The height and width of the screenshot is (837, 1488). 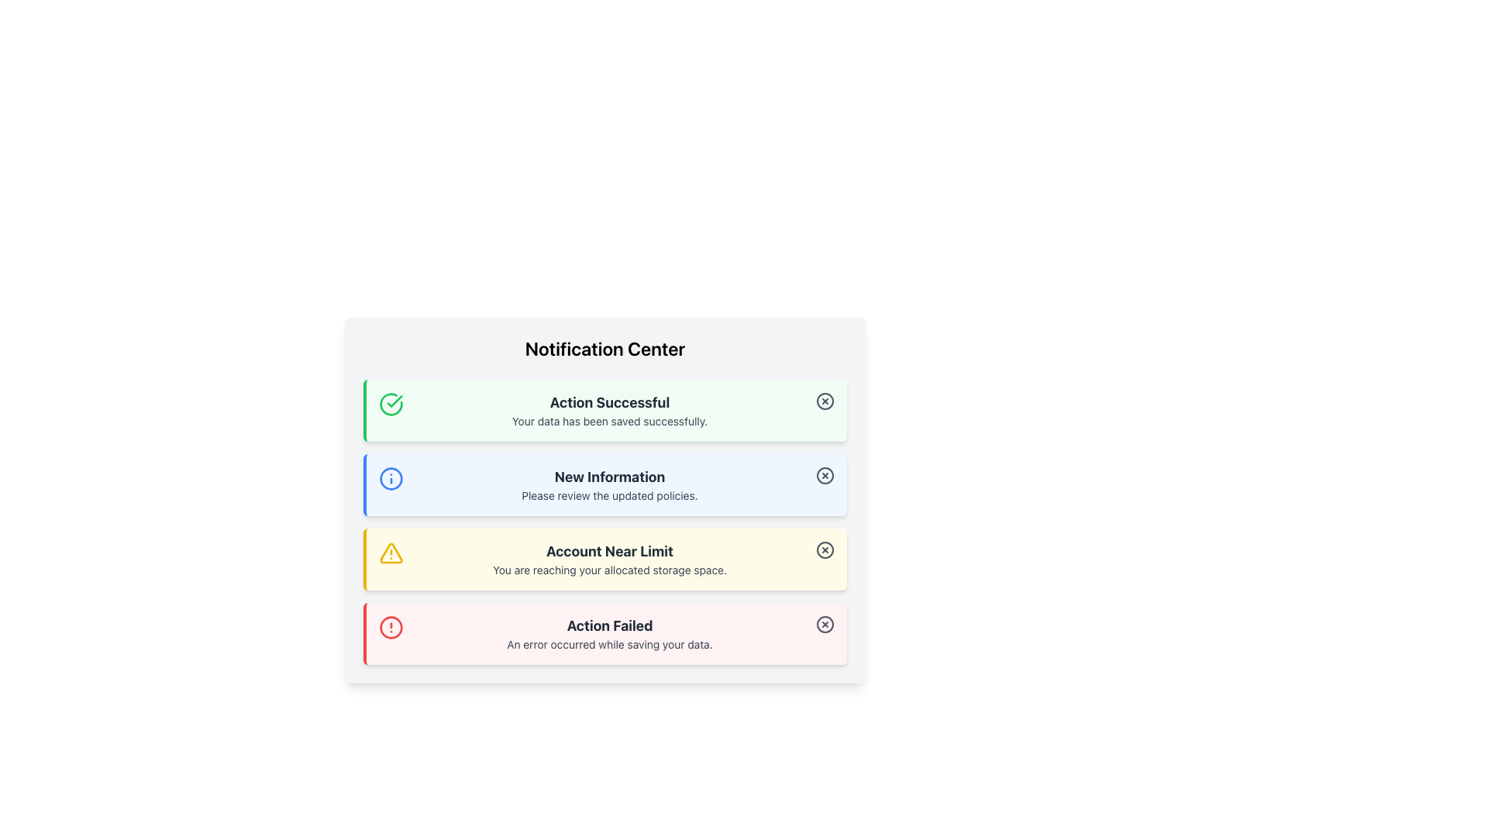 What do you see at coordinates (604, 349) in the screenshot?
I see `the 'Notification Center' text label, which is a bold, medium-sized black font title centered at the top of the notifications area` at bounding box center [604, 349].